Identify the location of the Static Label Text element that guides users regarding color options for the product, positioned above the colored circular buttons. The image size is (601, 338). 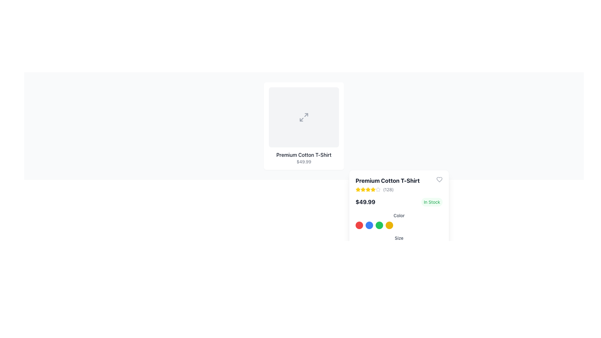
(399, 215).